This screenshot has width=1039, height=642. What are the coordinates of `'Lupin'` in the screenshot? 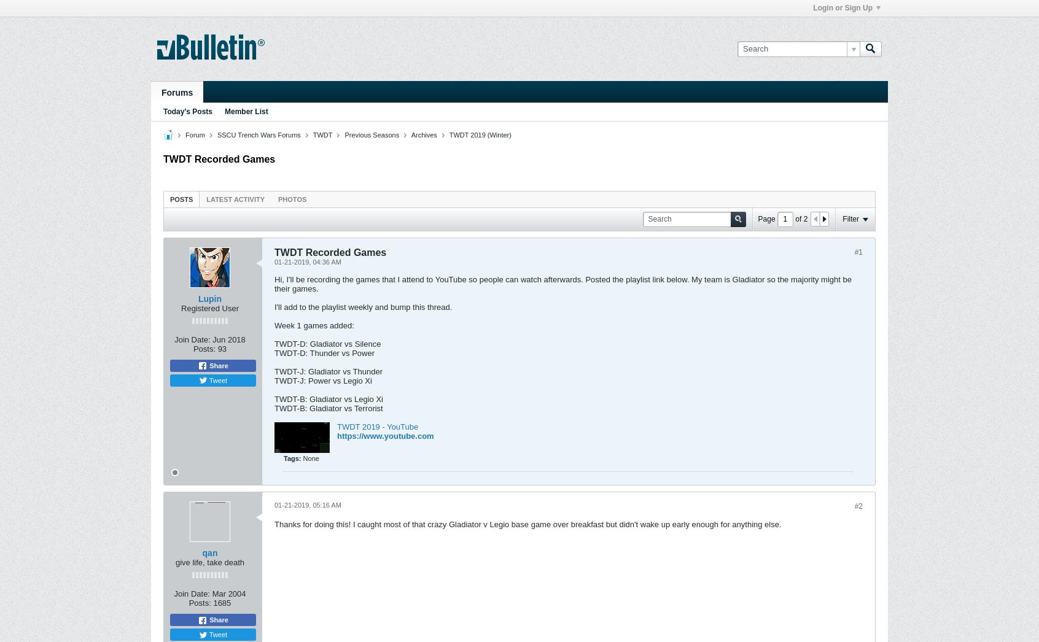 It's located at (209, 298).